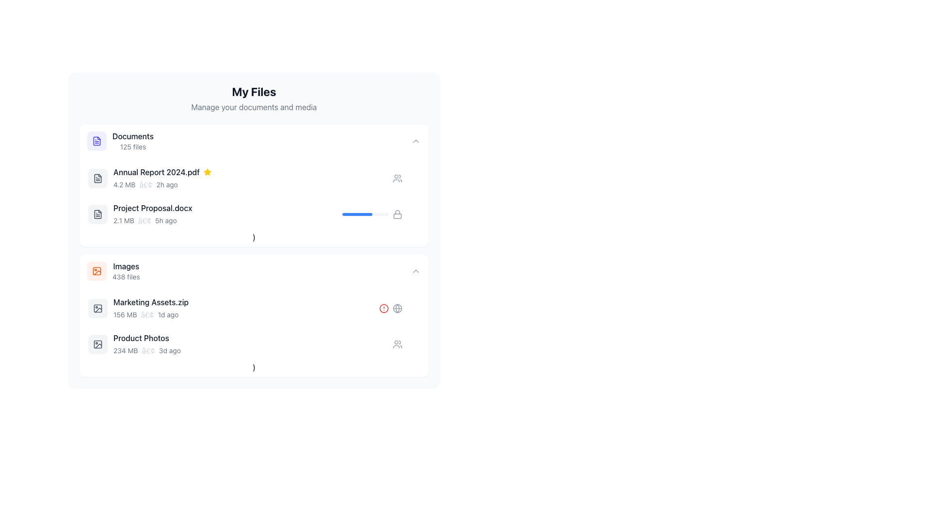 The width and height of the screenshot is (931, 524). What do you see at coordinates (398, 309) in the screenshot?
I see `the curved line or arc element that is part of the globe representation next to the 'Marketing Assets.zip' file entry` at bounding box center [398, 309].